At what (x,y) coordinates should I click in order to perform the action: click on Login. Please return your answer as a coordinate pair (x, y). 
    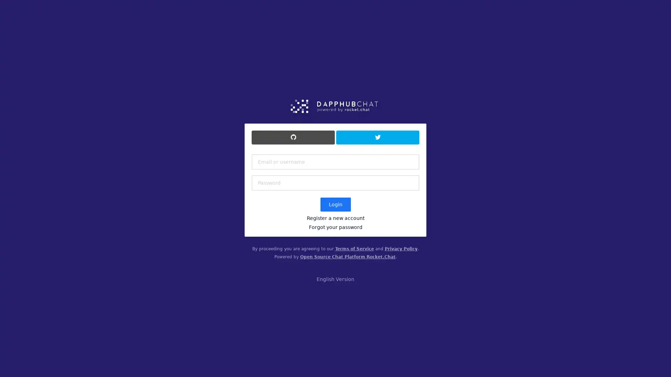
    Looking at the image, I should click on (335, 204).